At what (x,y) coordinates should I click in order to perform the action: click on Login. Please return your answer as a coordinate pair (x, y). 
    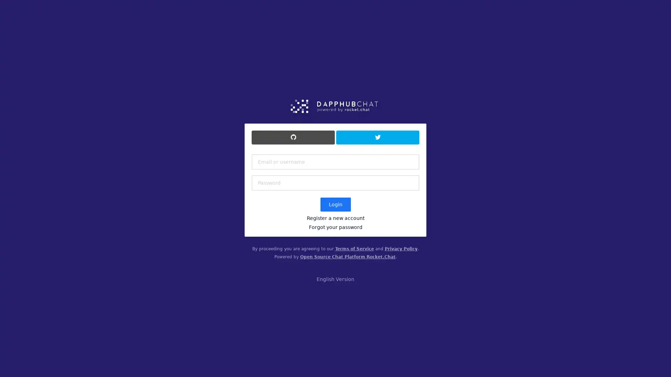
    Looking at the image, I should click on (335, 204).